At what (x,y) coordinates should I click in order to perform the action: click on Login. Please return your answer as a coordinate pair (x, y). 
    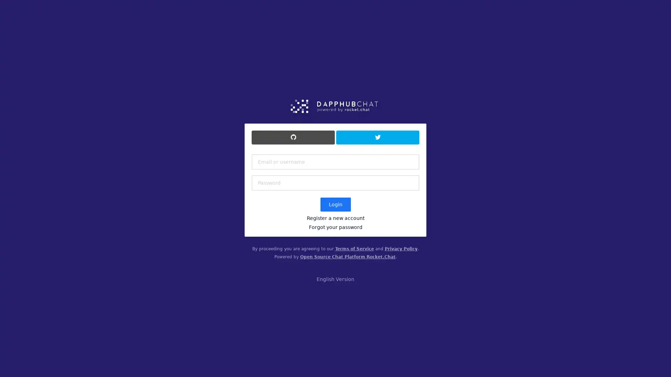
    Looking at the image, I should click on (335, 204).